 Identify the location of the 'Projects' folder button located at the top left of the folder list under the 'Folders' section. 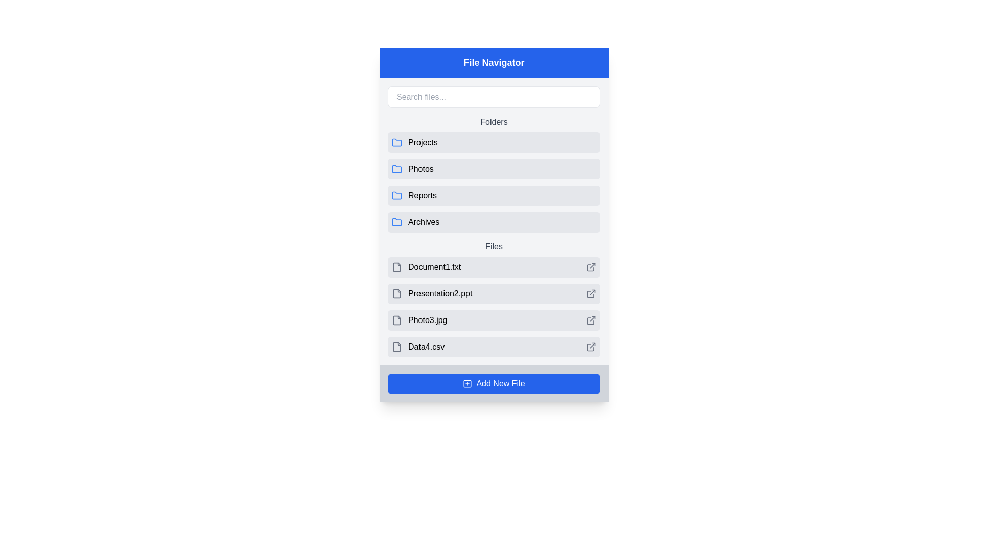
(494, 142).